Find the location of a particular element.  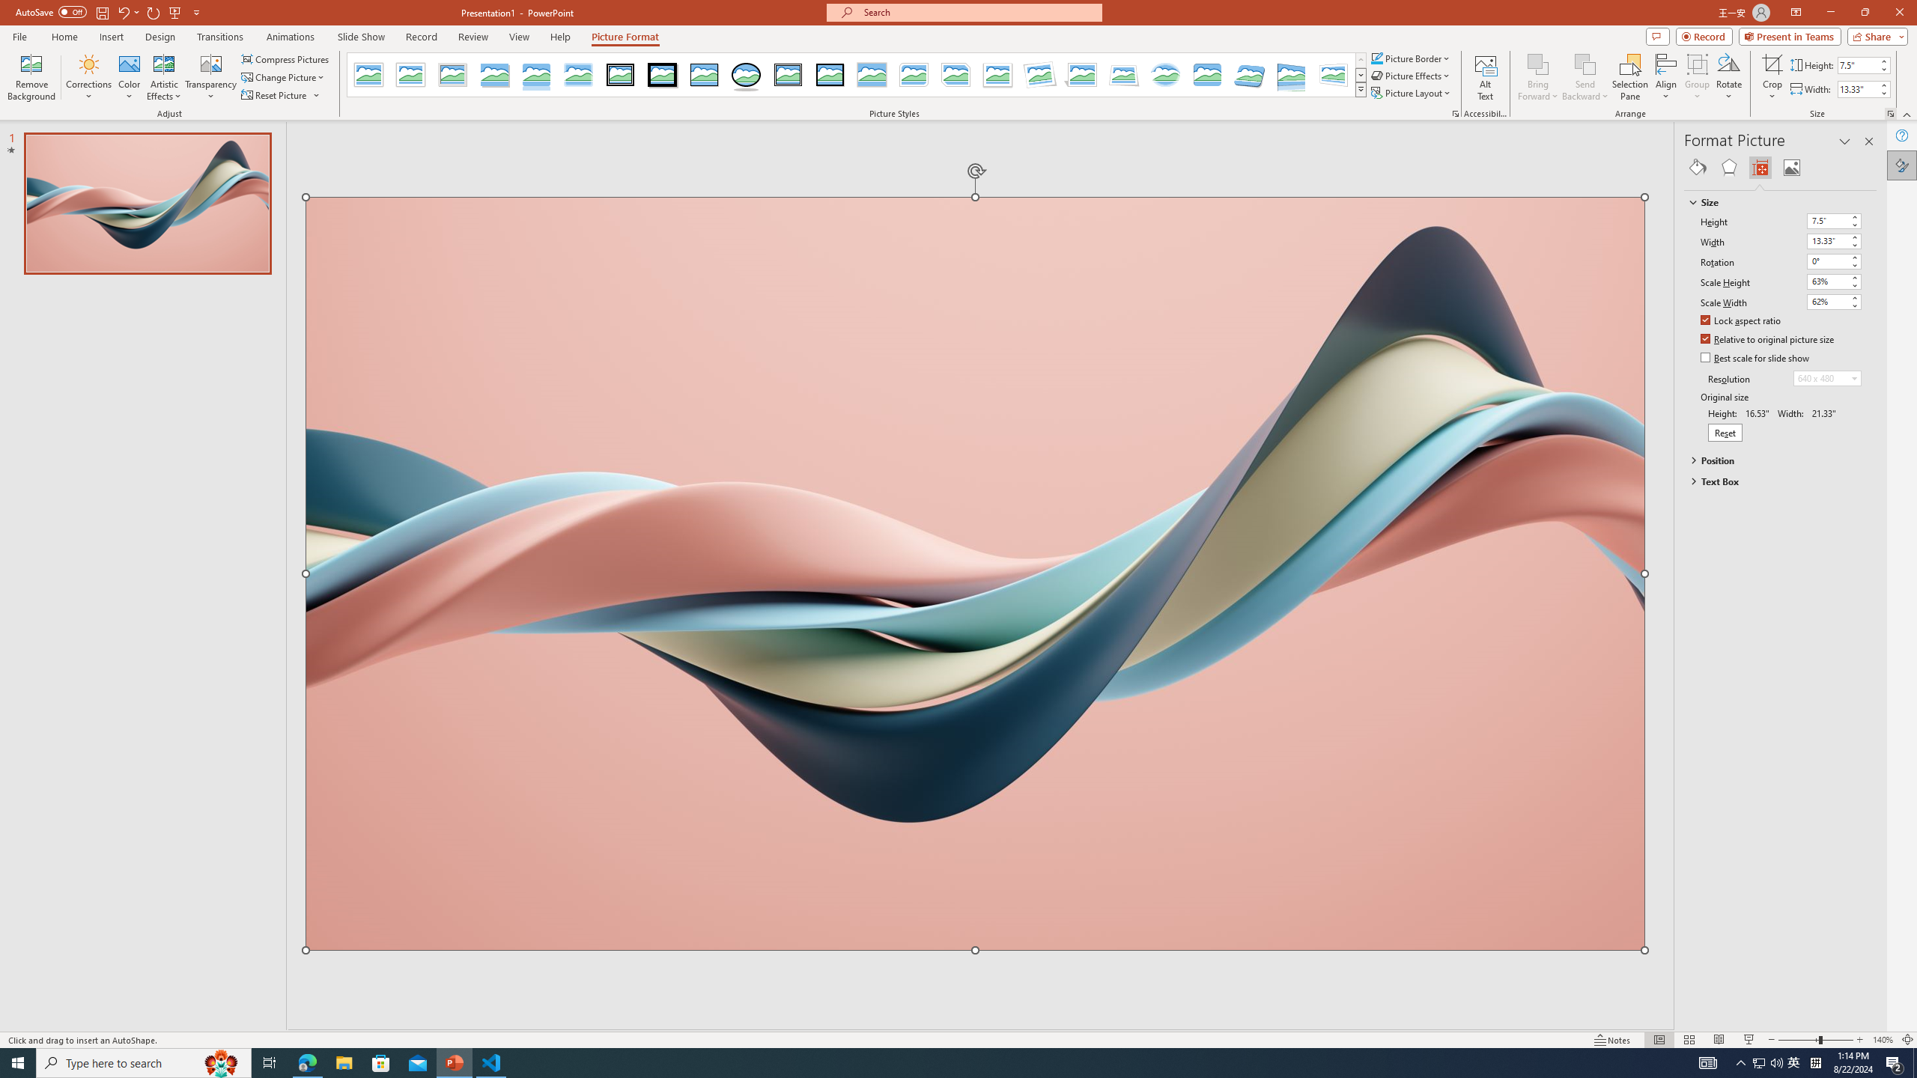

'Size' is located at coordinates (1773, 201).